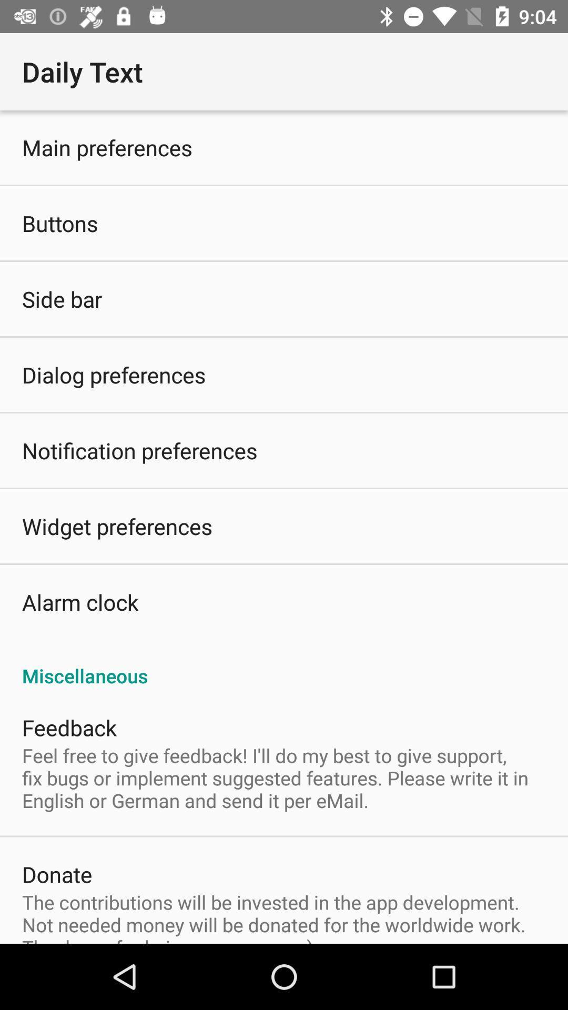  Describe the element at coordinates (79, 602) in the screenshot. I see `alarm clock item` at that location.